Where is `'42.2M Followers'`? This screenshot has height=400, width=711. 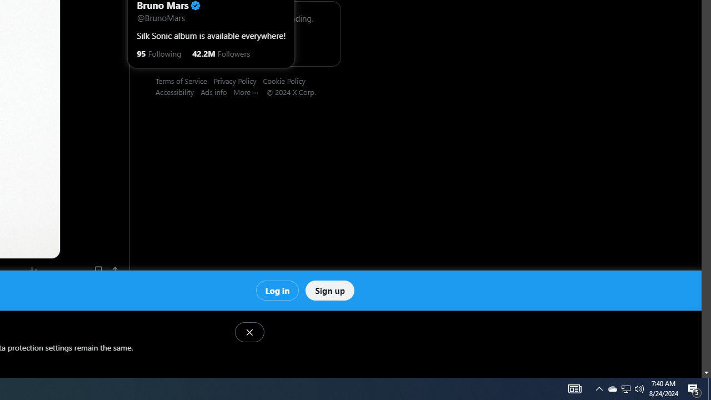
'42.2M Followers' is located at coordinates (221, 53).